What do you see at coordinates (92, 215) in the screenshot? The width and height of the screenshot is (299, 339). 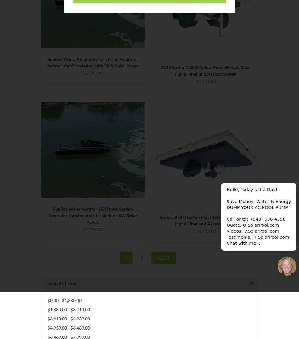 I see `'SunRay Water Aerator 1G Ozone System Aspirator Aerator and Circulation 3kW Solar Power'` at bounding box center [92, 215].